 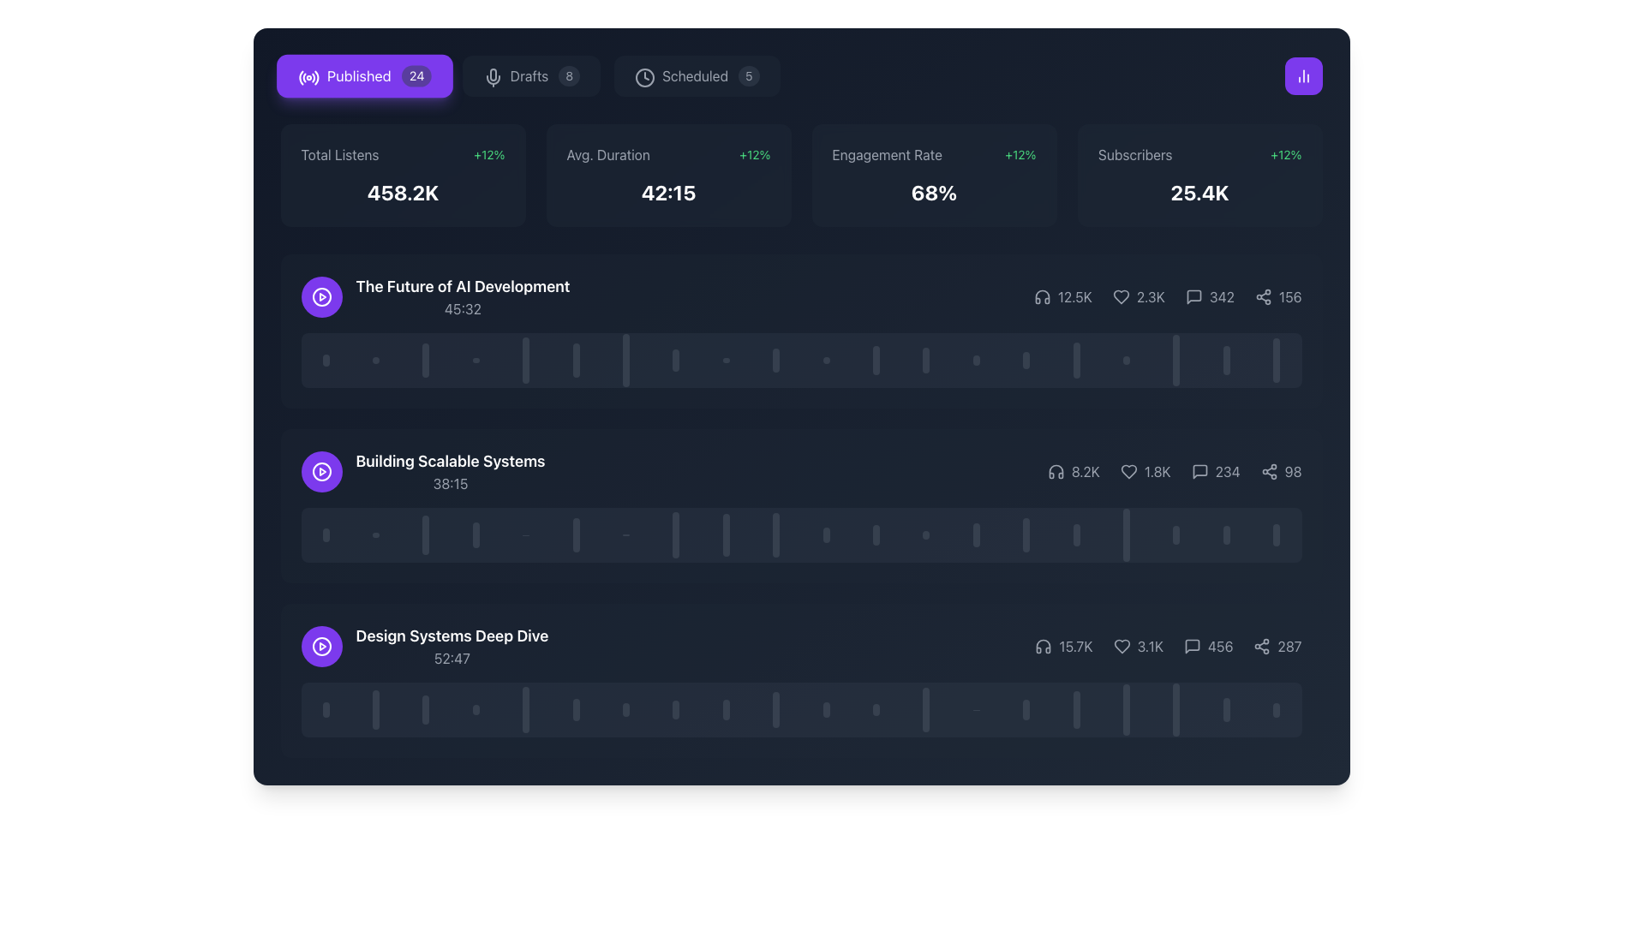 I want to click on the play button located to the left of the third list item titled 'Design Systems Deep Dive' to initiate playback of the media, so click(x=321, y=647).